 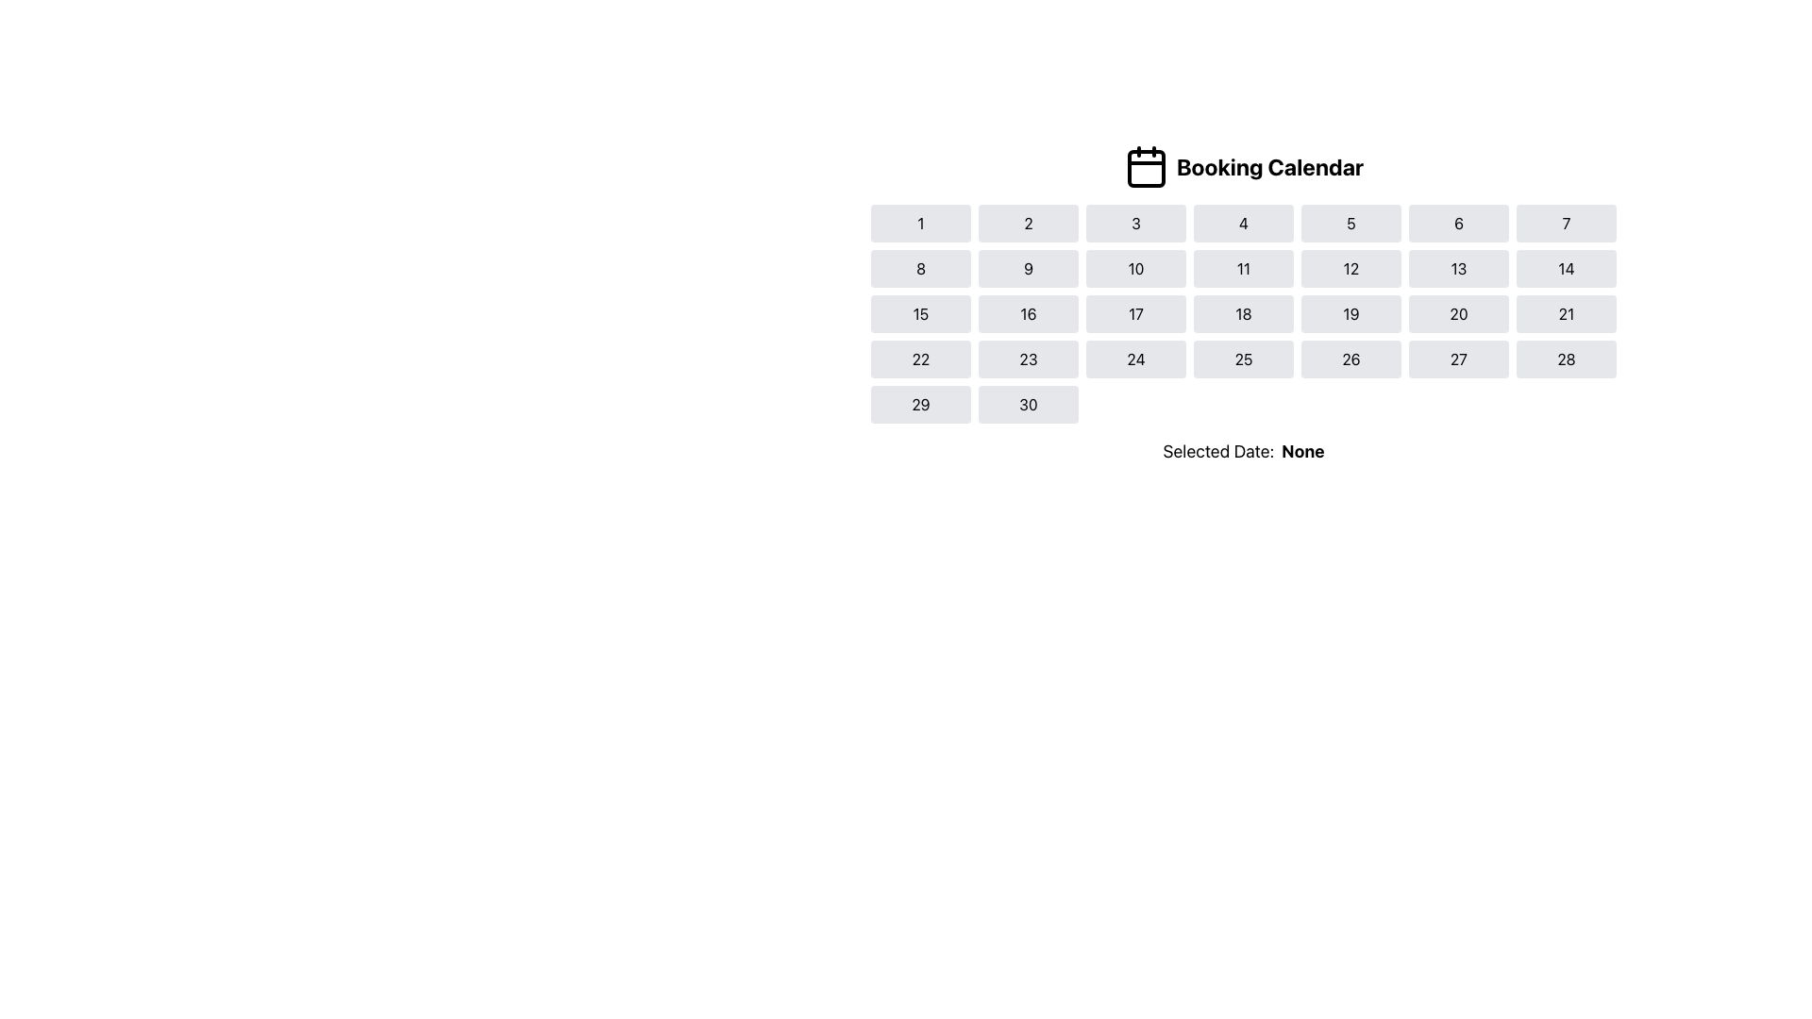 I want to click on the interactive button for selecting the date '29' in the calendar interface using keyboard navigation, so click(x=920, y=403).